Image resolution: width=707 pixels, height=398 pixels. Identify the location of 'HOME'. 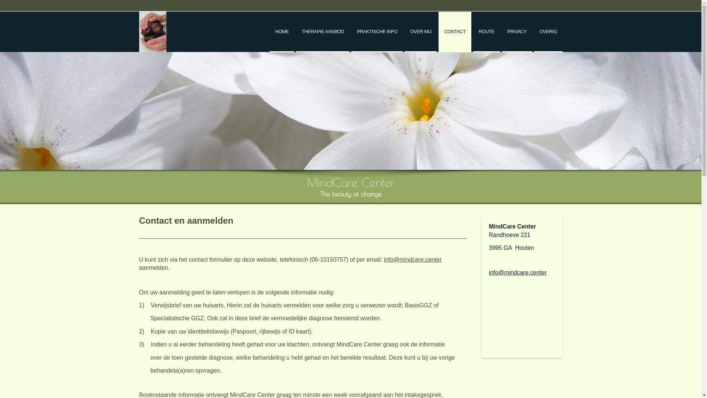
(281, 32).